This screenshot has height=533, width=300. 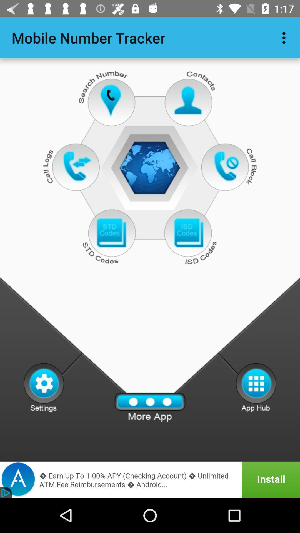 I want to click on call block, so click(x=228, y=166).